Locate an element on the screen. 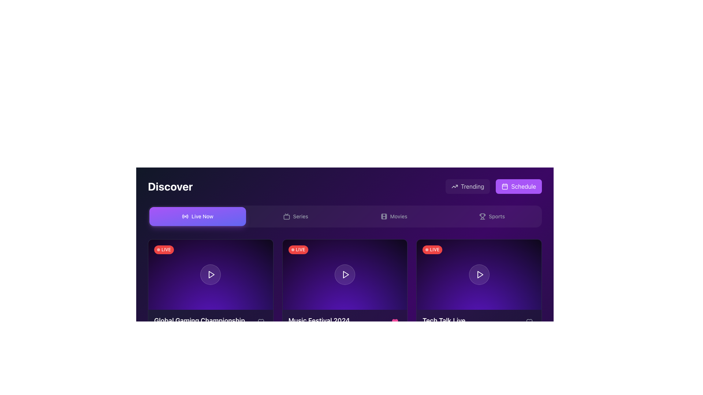 This screenshot has height=395, width=703. the circular button with a triangular play icon, which is located is located at coordinates (479, 274).